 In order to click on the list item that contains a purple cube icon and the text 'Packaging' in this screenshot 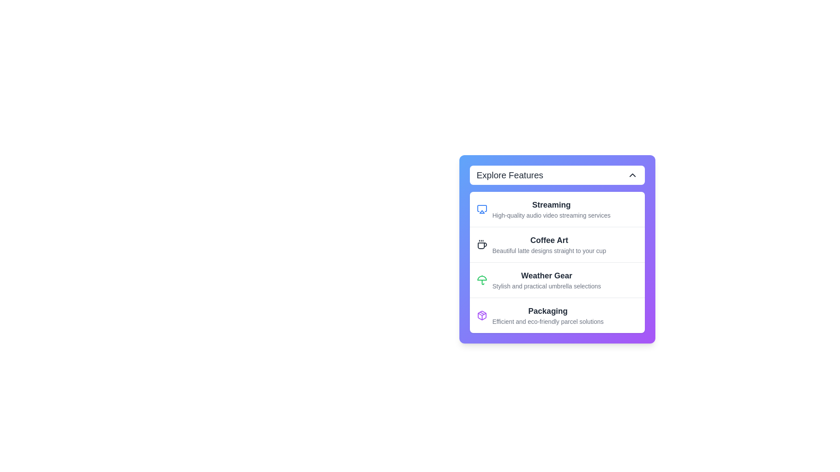, I will do `click(556, 315)`.